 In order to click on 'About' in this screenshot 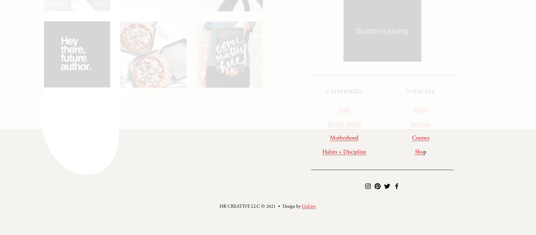, I will do `click(419, 112)`.